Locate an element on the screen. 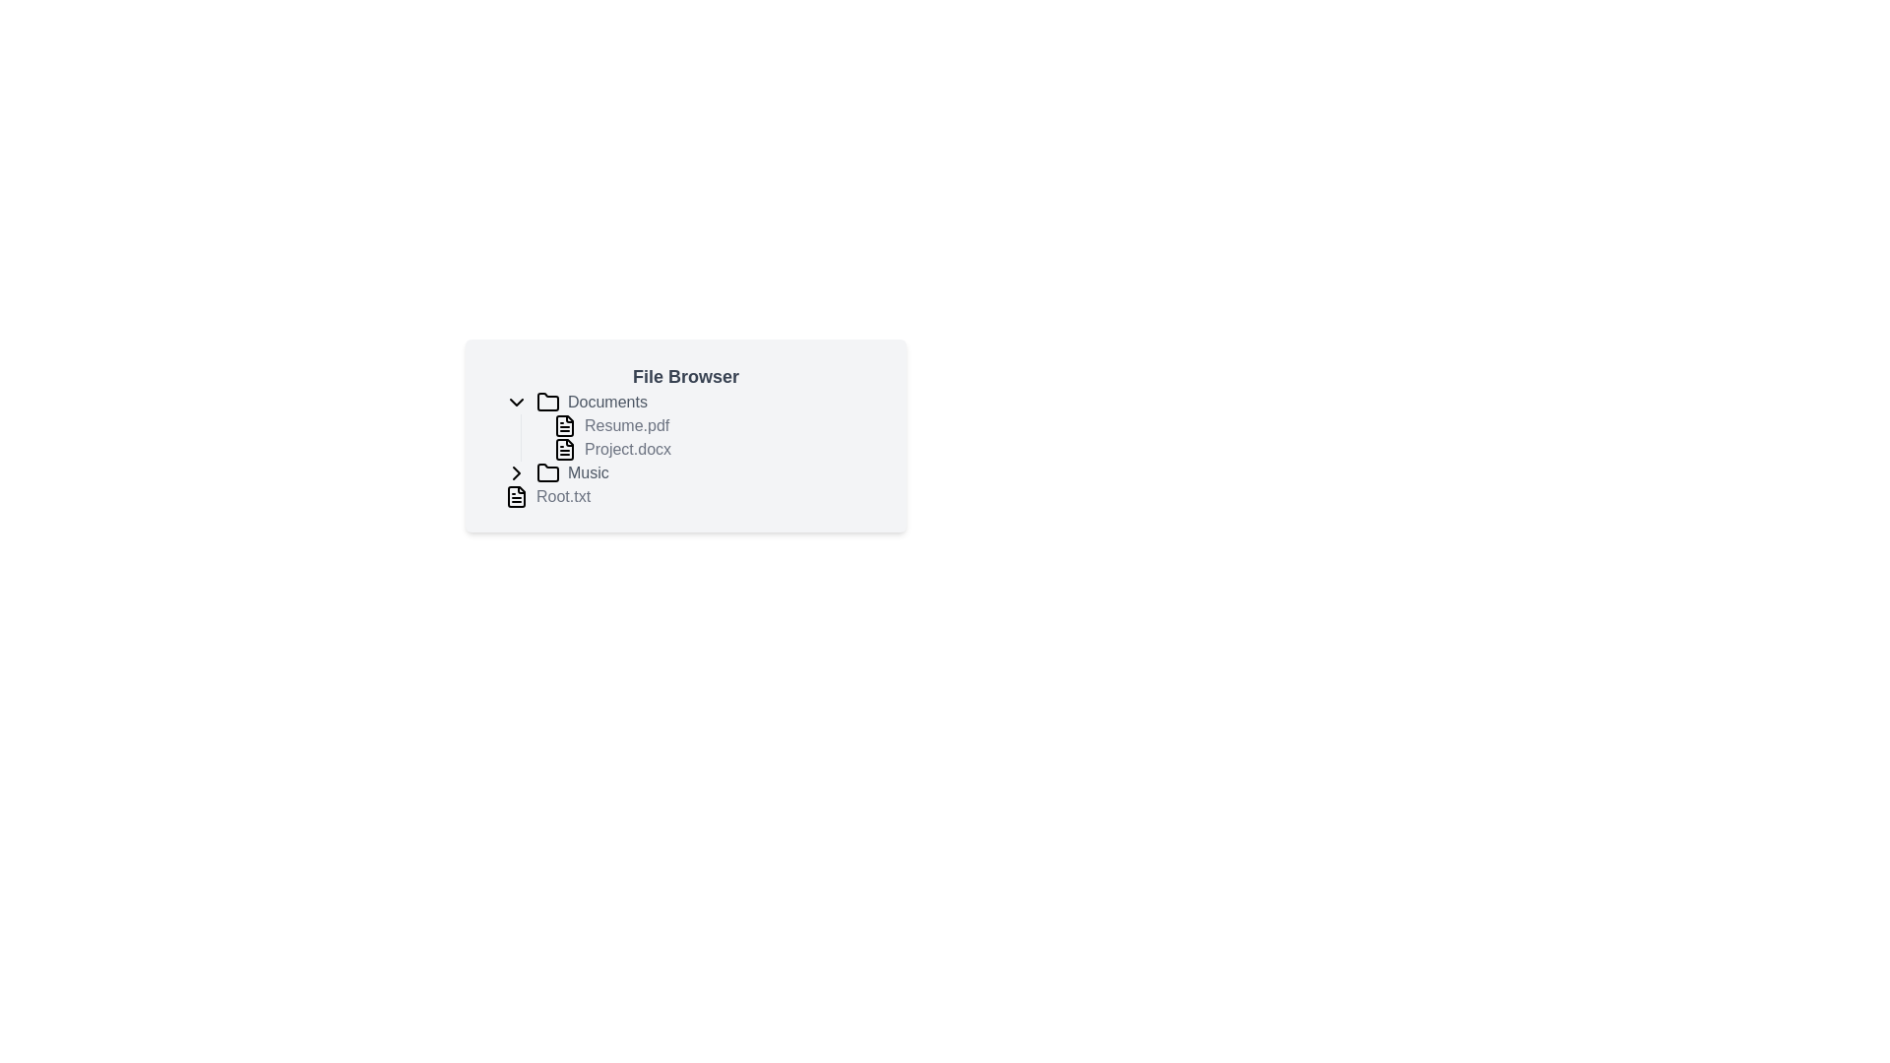 Image resolution: width=1890 pixels, height=1063 pixels. the folder toggle item at the top of the file browser hierarchy is located at coordinates (694, 401).